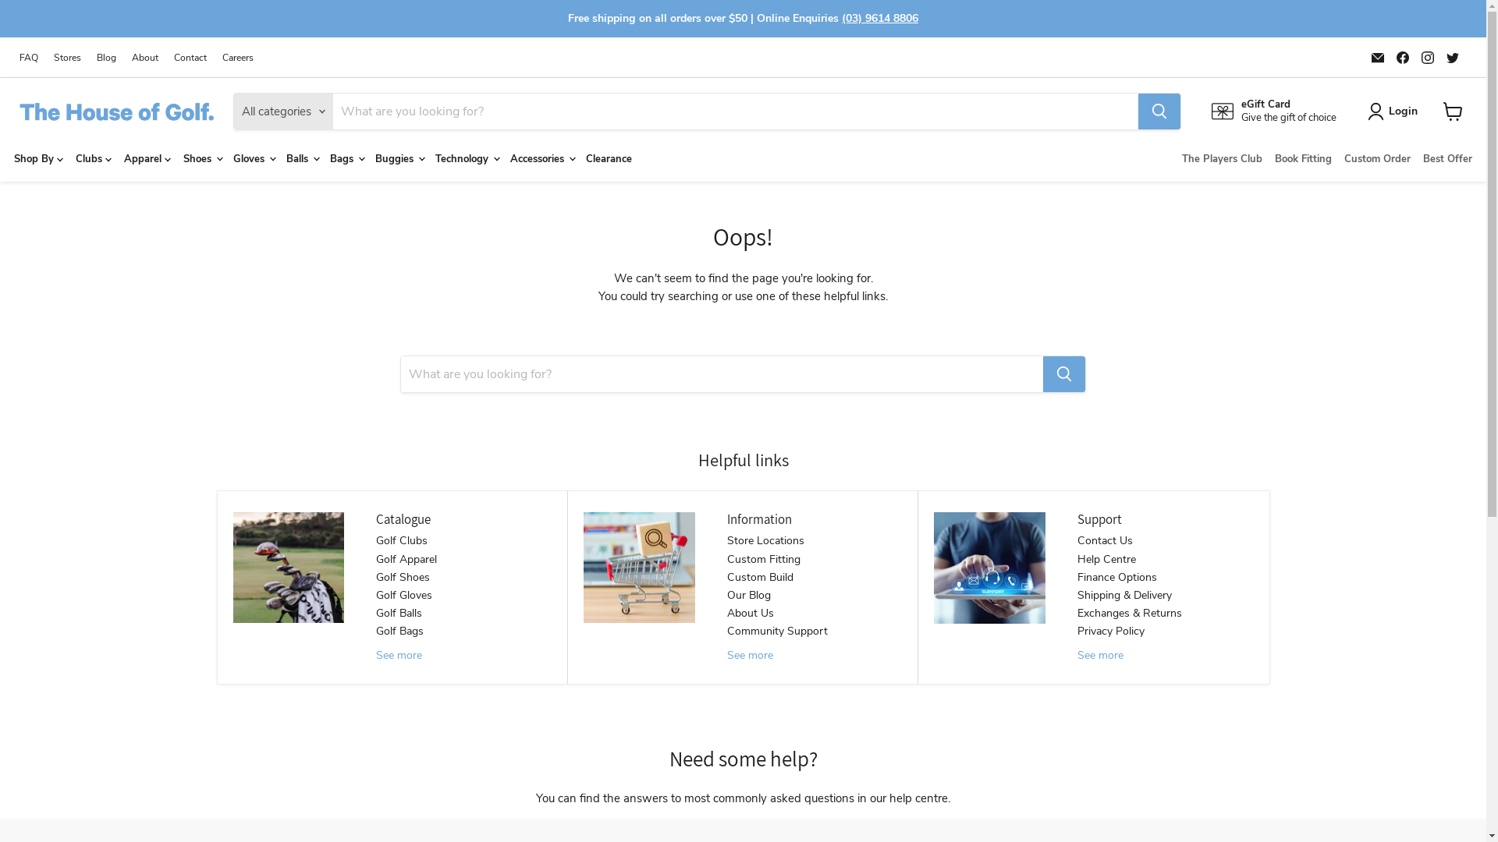 This screenshot has height=842, width=1498. Describe the element at coordinates (1176, 159) in the screenshot. I see `'The Players Club'` at that location.